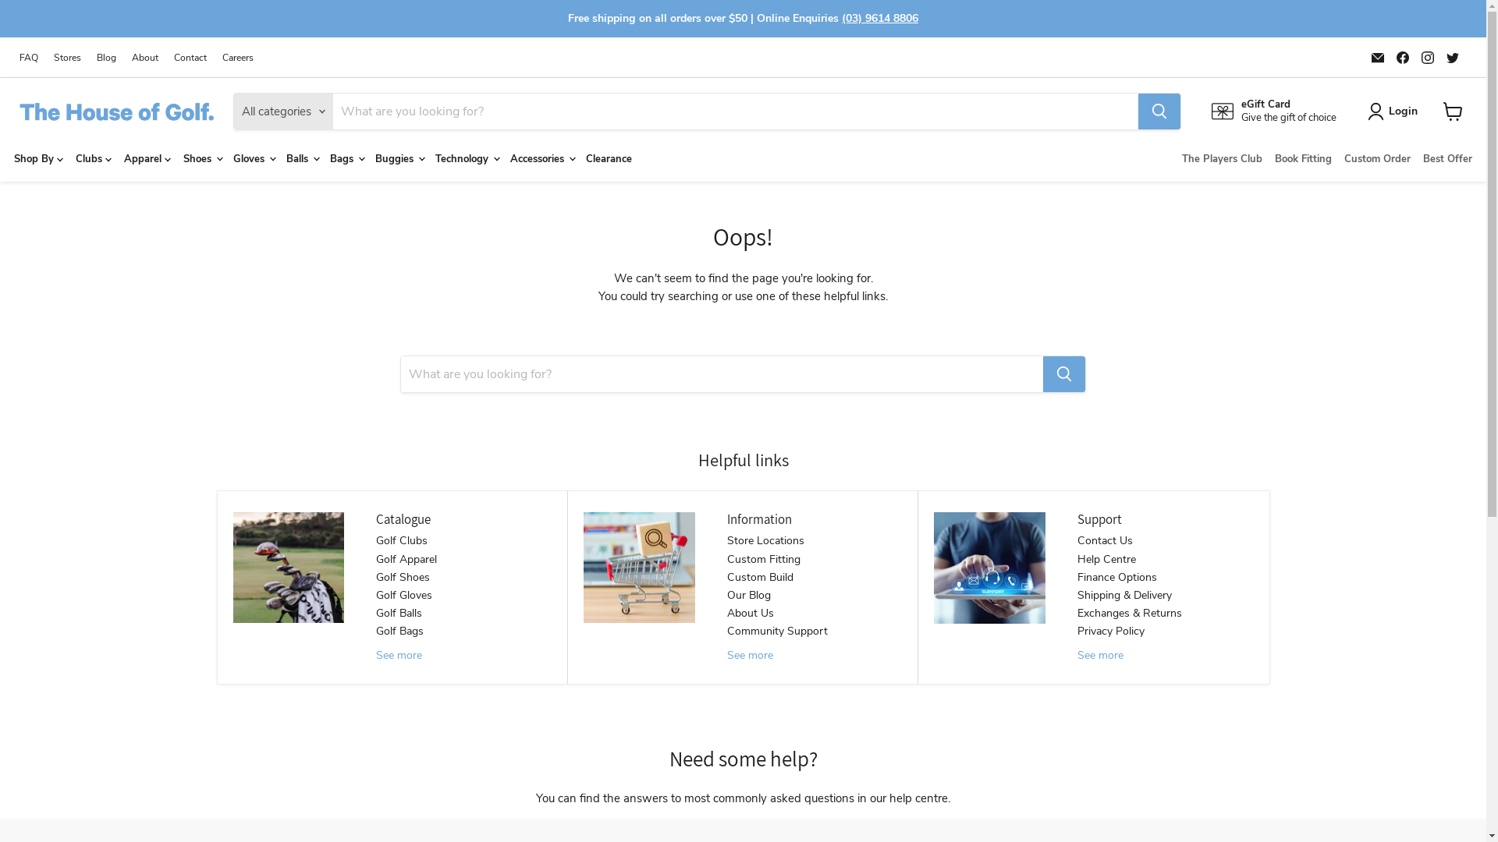 This screenshot has height=842, width=1498. Describe the element at coordinates (1176, 159) in the screenshot. I see `'The Players Club'` at that location.